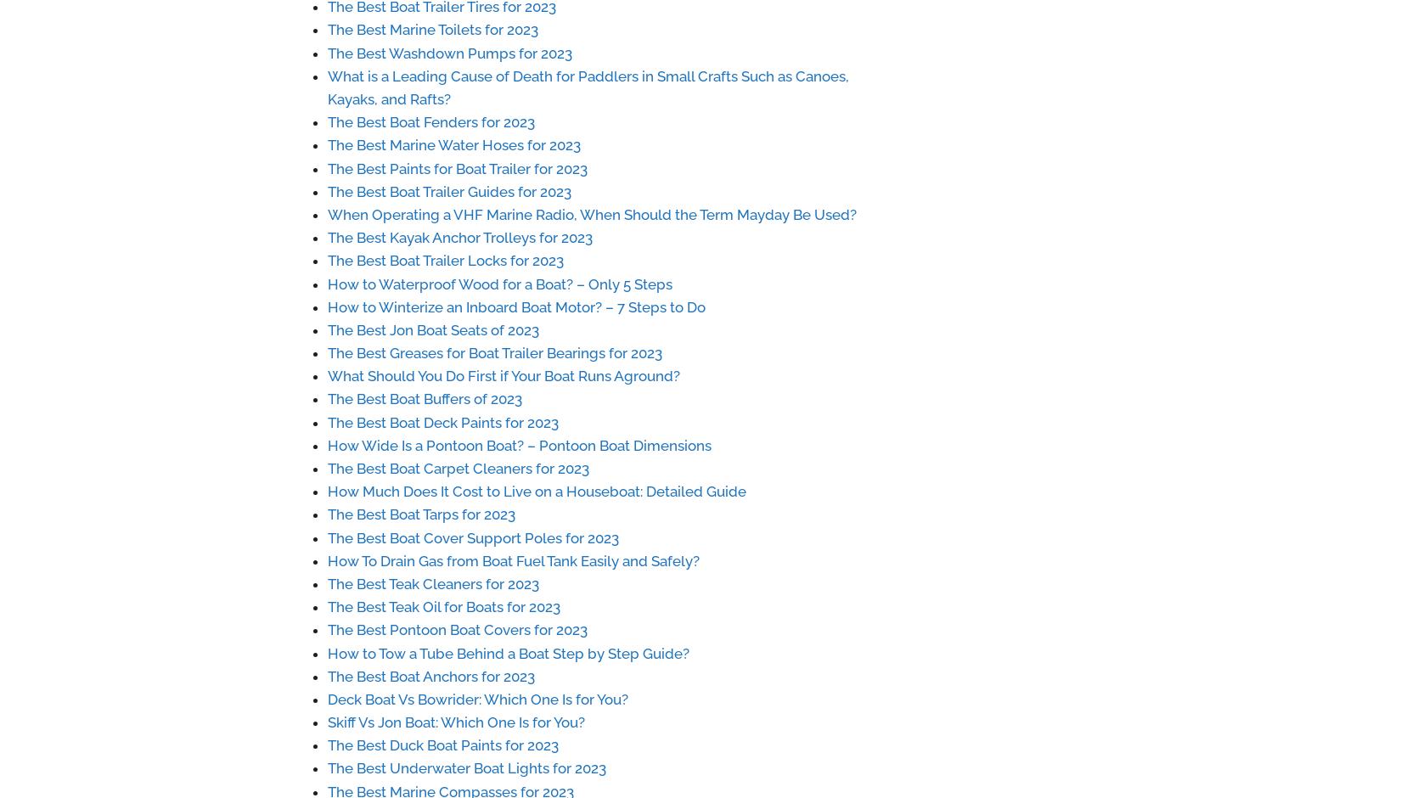  Describe the element at coordinates (493, 353) in the screenshot. I see `'The Best Greases for Boat Trailer Bearings for 2023'` at that location.